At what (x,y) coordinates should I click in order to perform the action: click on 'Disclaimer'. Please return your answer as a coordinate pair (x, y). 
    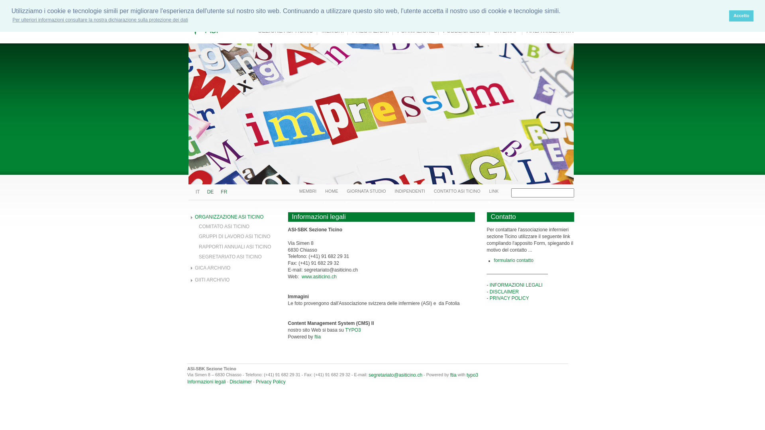
    Looking at the image, I should click on (240, 381).